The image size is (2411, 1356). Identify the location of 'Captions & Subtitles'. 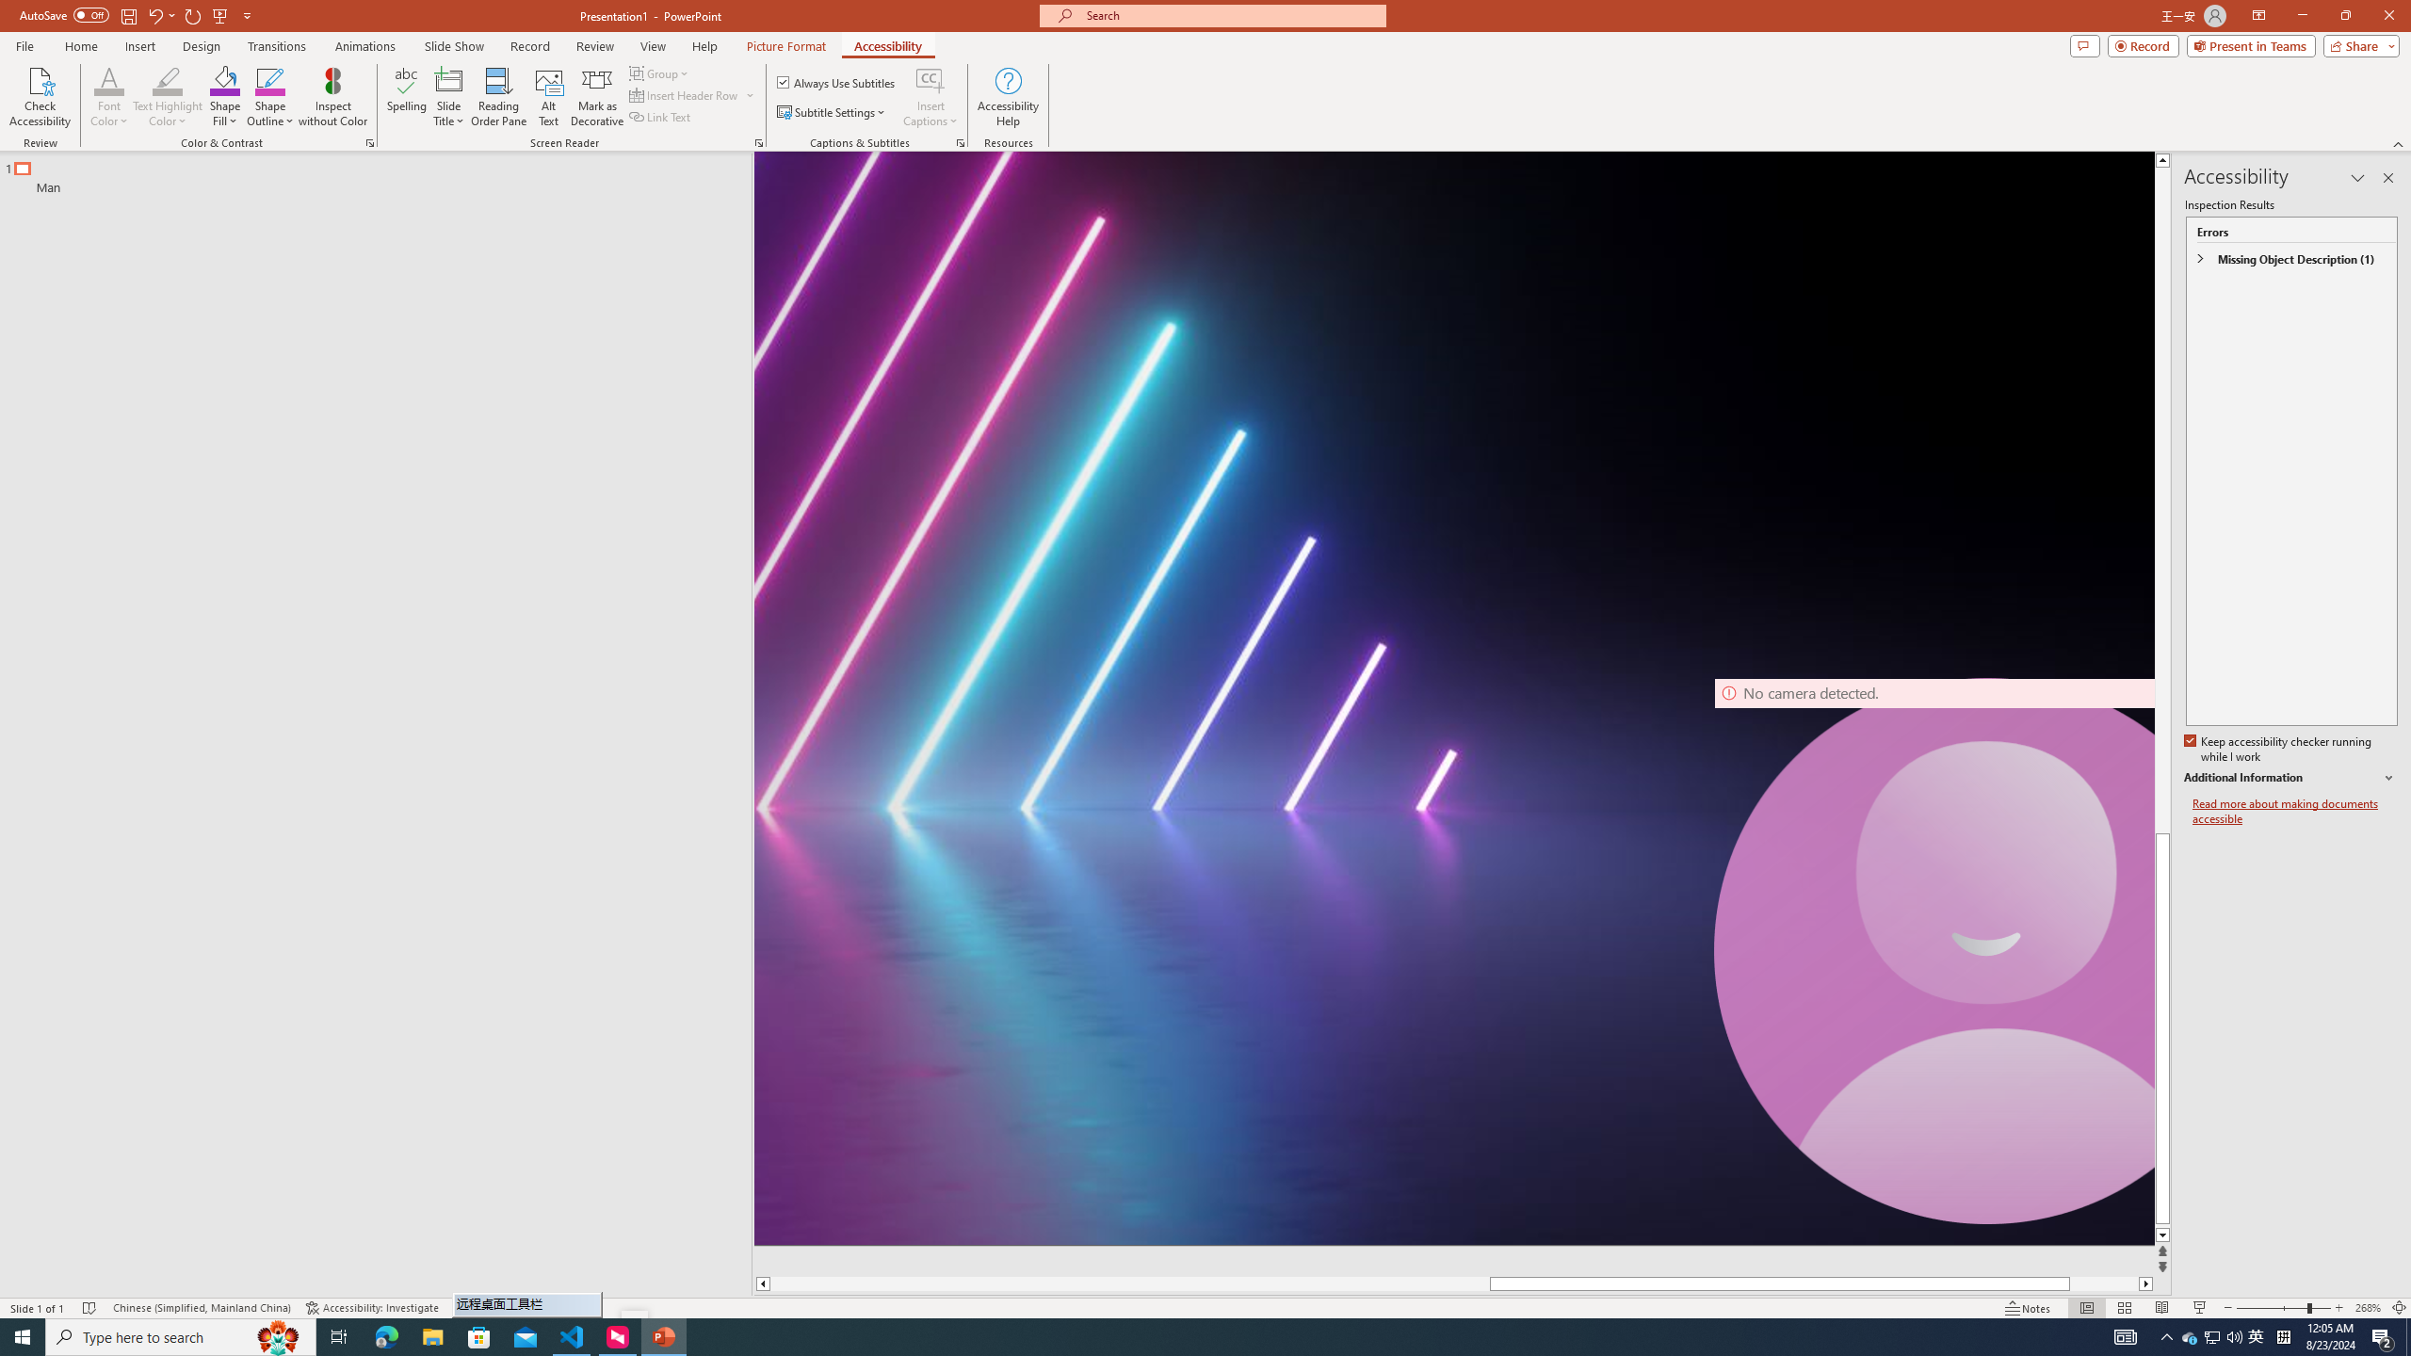
(960, 141).